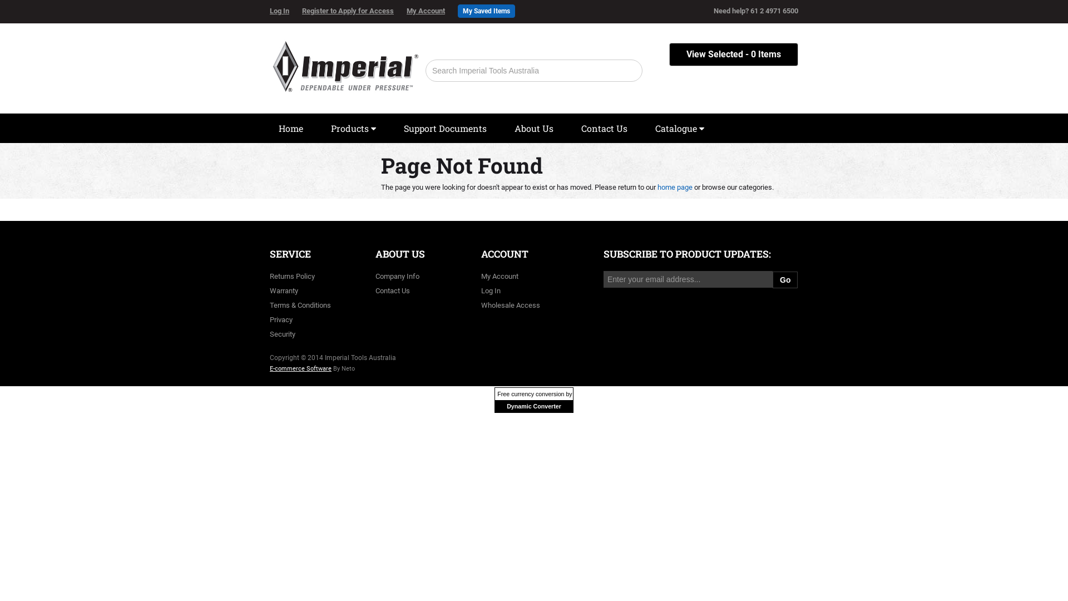  Describe the element at coordinates (534, 399) in the screenshot. I see `' Free currency conversion by` at that location.